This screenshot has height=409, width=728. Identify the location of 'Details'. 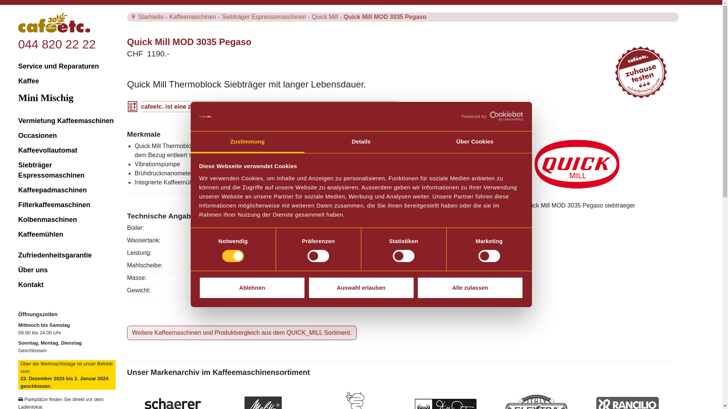
(360, 142).